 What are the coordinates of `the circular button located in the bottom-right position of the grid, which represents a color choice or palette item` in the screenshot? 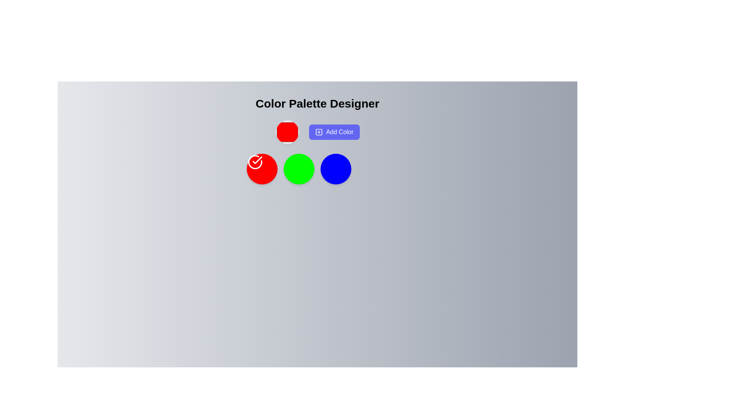 It's located at (336, 168).